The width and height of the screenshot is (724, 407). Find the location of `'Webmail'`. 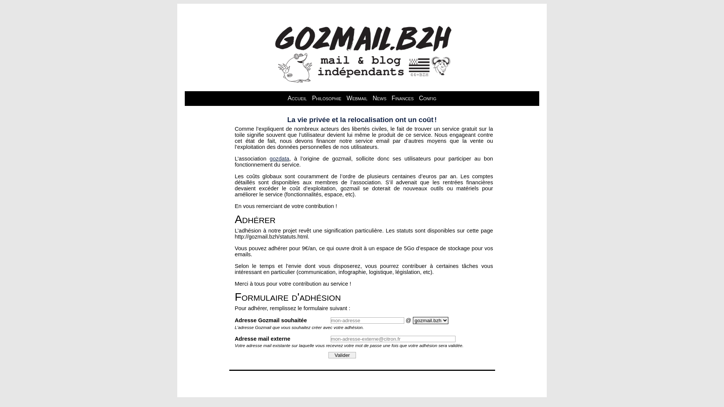

'Webmail' is located at coordinates (356, 98).